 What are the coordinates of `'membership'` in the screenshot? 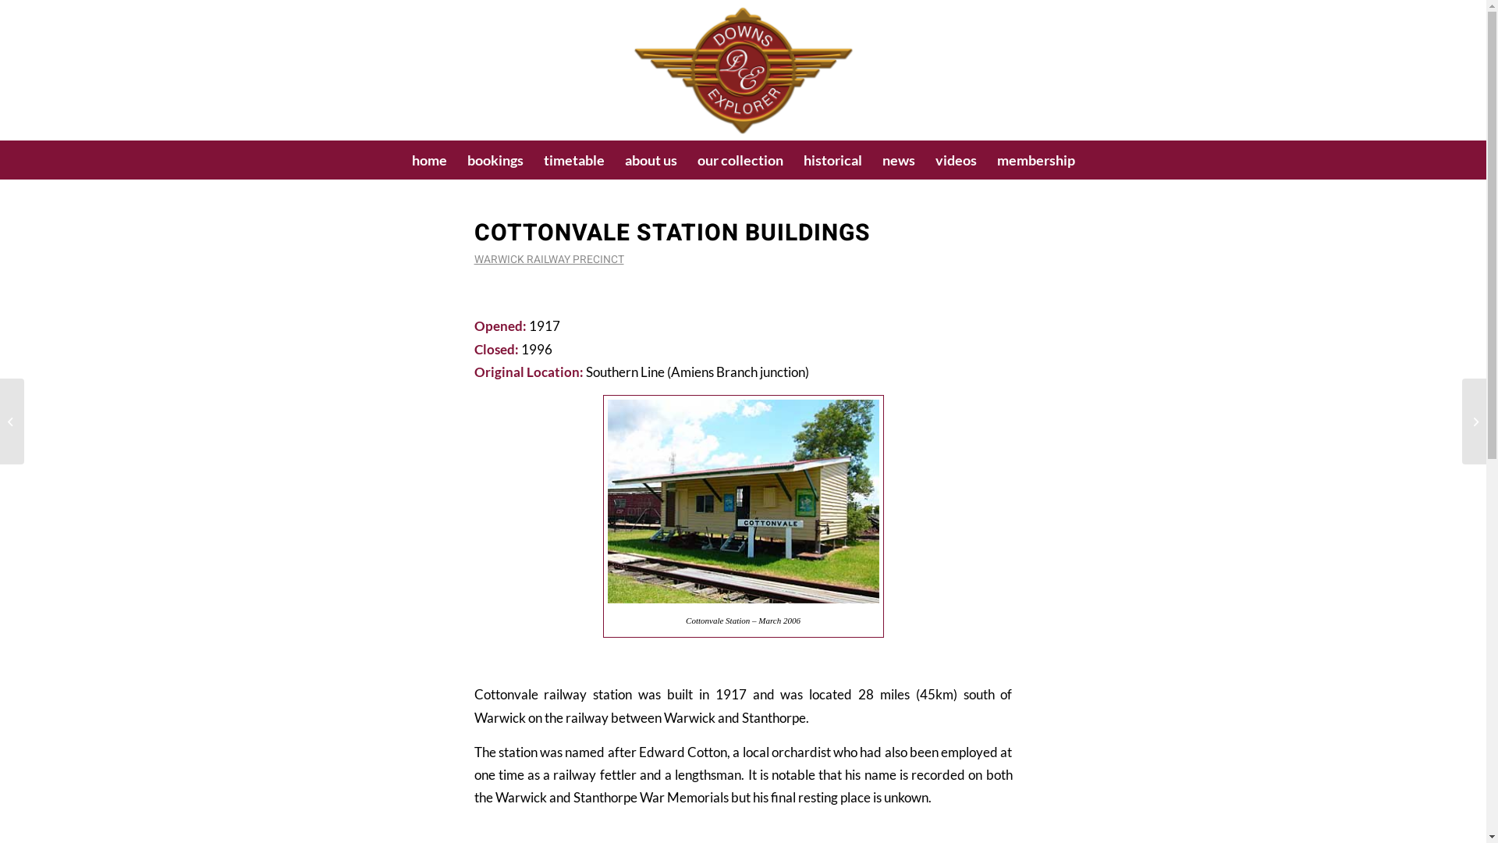 It's located at (1035, 159).